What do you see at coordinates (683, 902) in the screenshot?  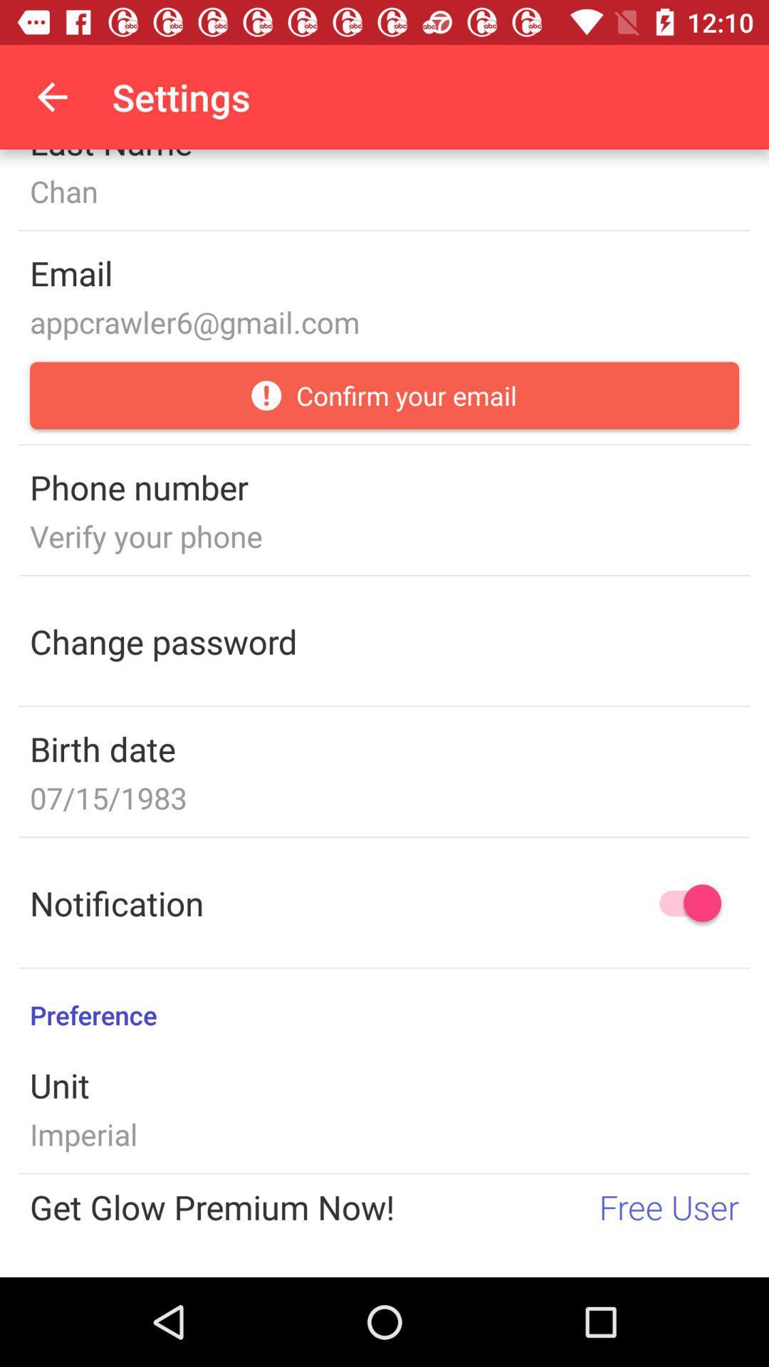 I see `notification toggle option` at bounding box center [683, 902].